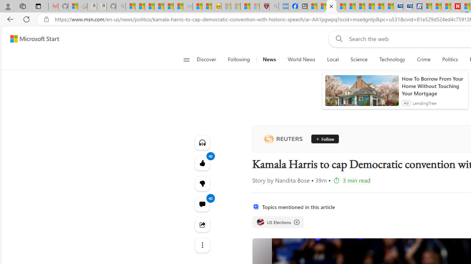 The image size is (471, 264). Describe the element at coordinates (359, 59) in the screenshot. I see `'Science'` at that location.